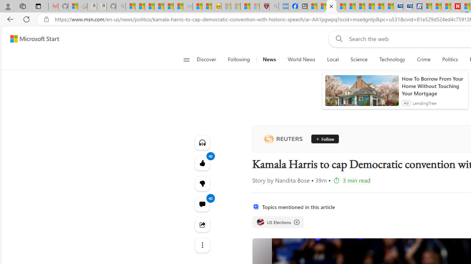 The image size is (471, 264). Describe the element at coordinates (359, 59) in the screenshot. I see `'Science'` at that location.